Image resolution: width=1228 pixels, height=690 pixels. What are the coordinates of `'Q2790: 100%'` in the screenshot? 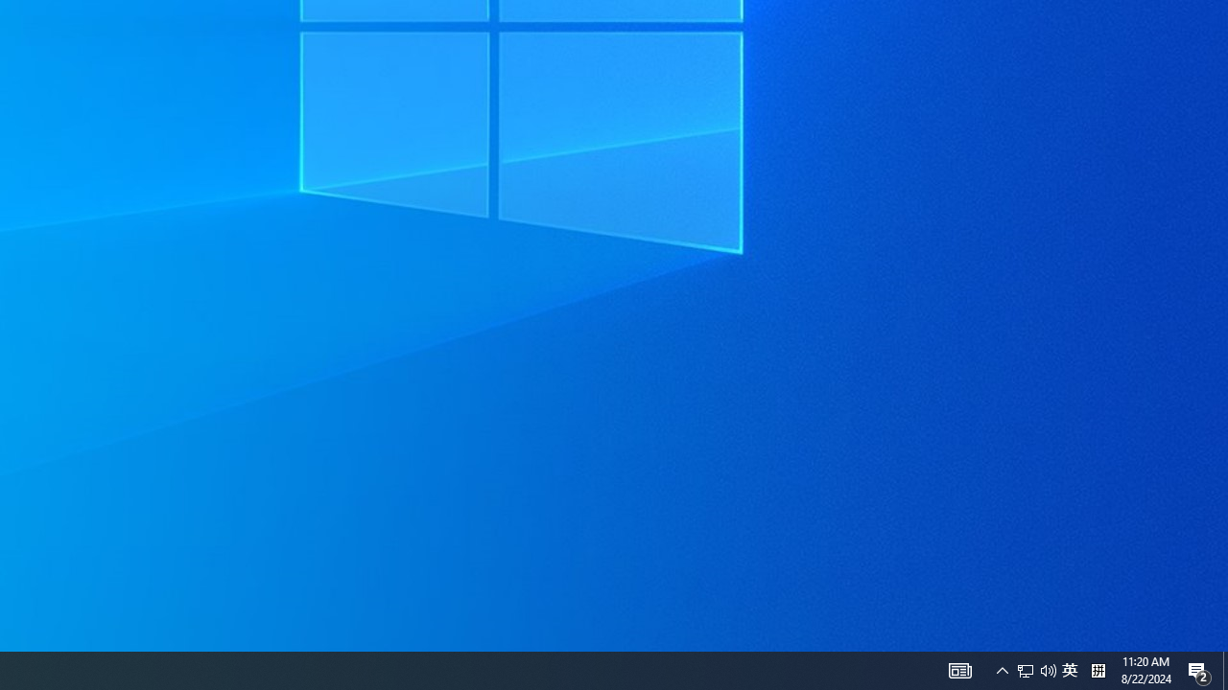 It's located at (1002, 669).